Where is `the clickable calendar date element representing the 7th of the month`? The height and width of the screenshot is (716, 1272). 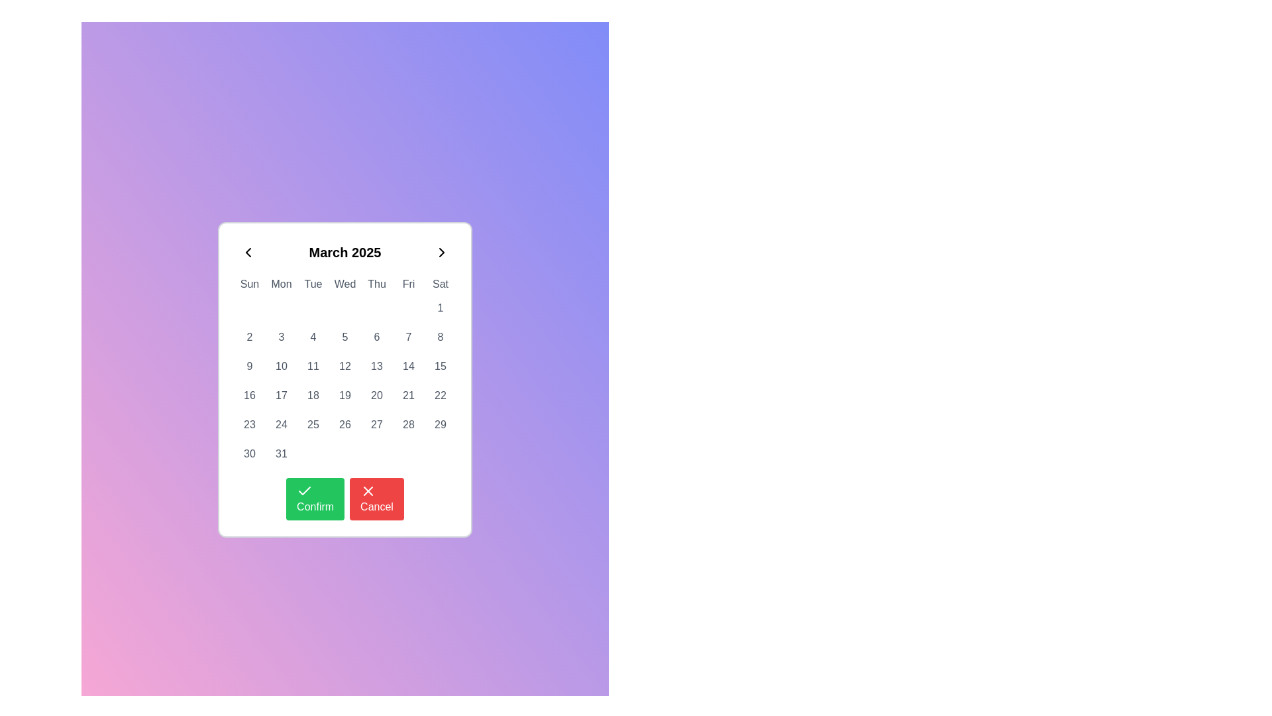
the clickable calendar date element representing the 7th of the month is located at coordinates (408, 337).